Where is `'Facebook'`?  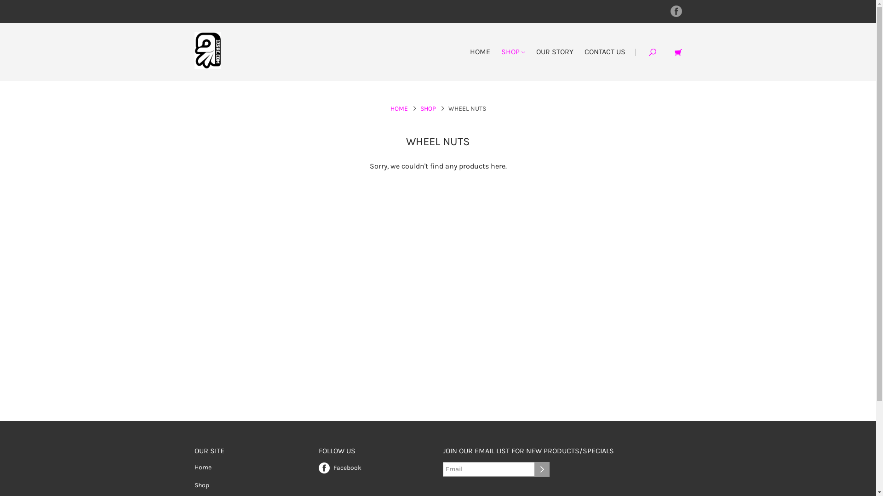 'Facebook' is located at coordinates (339, 467).